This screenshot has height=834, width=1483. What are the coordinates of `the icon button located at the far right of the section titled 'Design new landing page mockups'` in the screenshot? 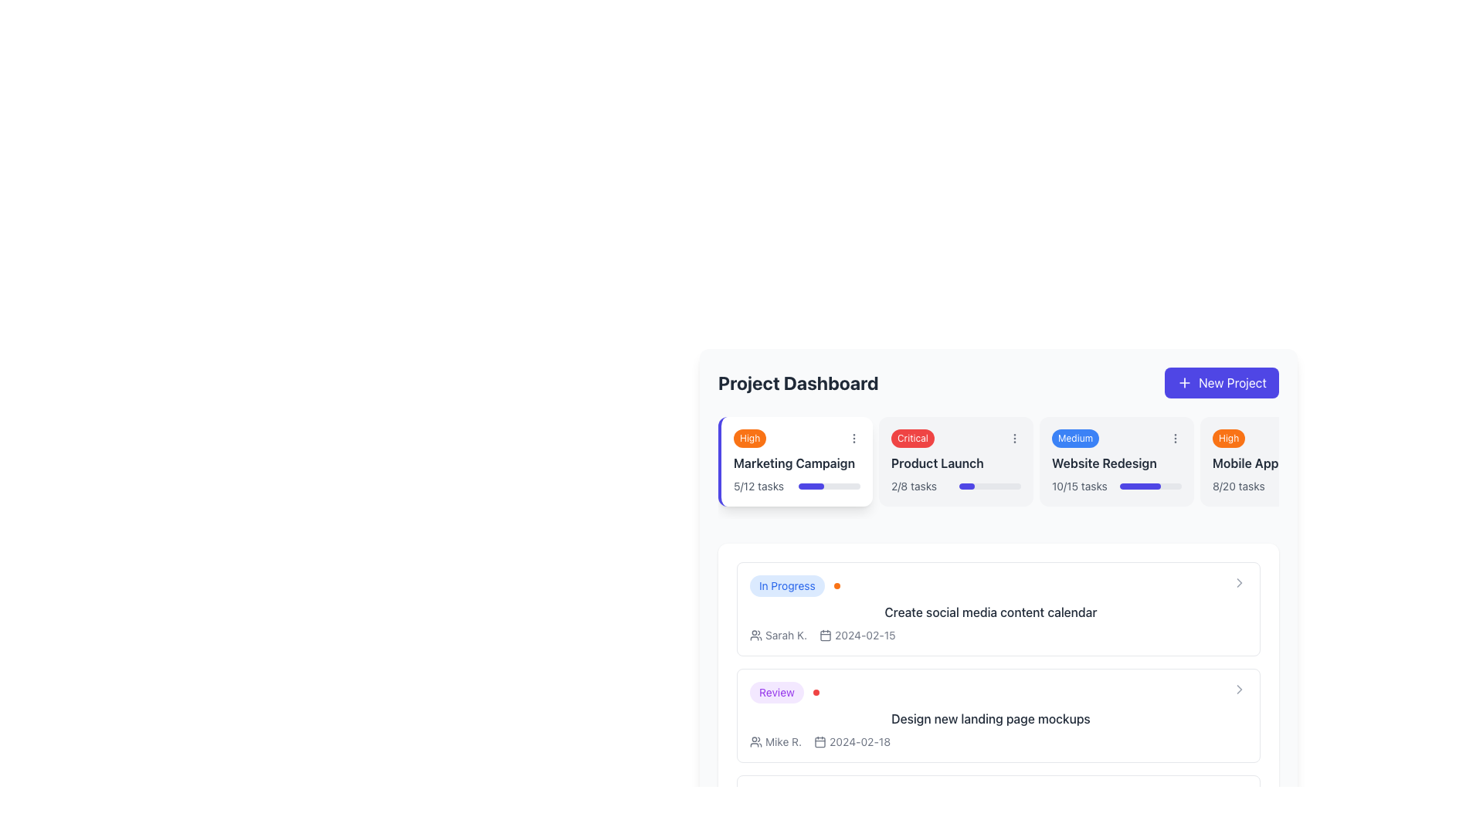 It's located at (1239, 689).